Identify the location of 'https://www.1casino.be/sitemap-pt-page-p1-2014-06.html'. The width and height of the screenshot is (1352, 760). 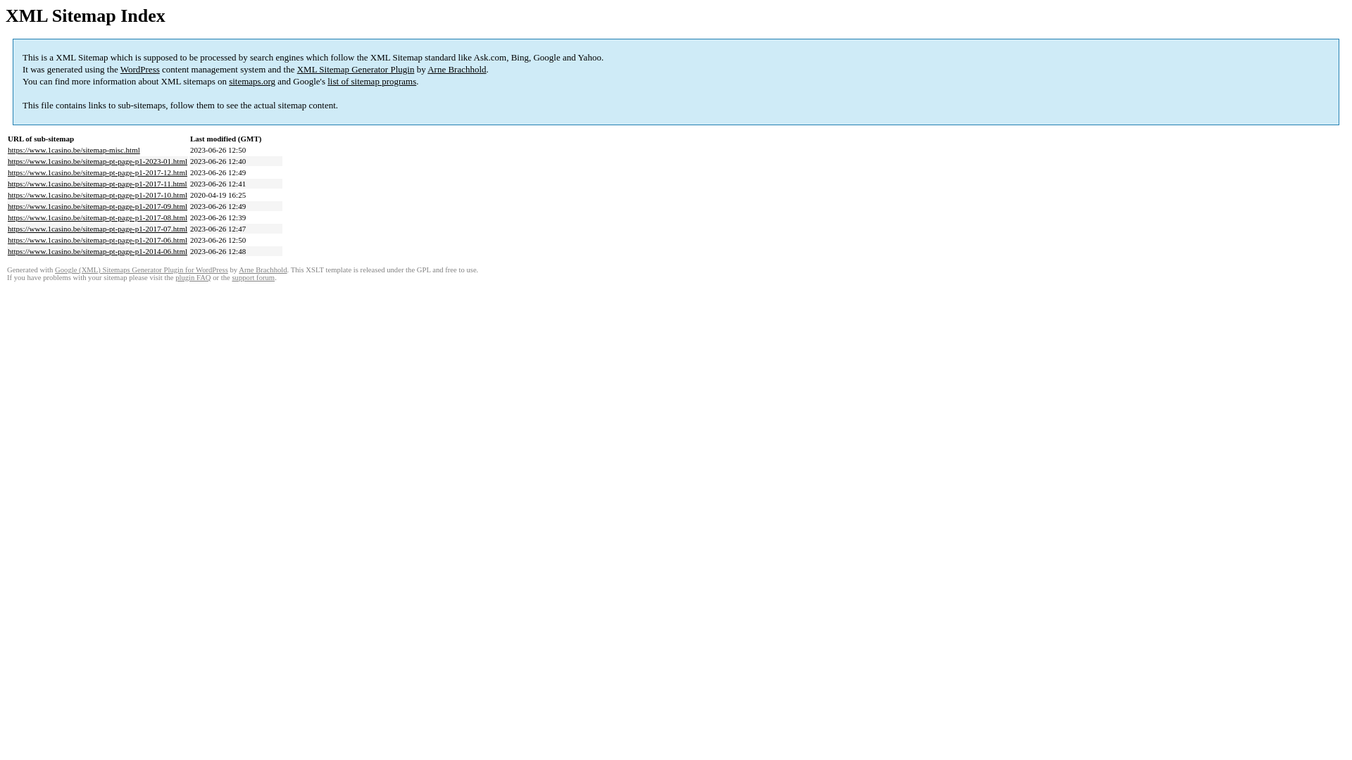
(7, 251).